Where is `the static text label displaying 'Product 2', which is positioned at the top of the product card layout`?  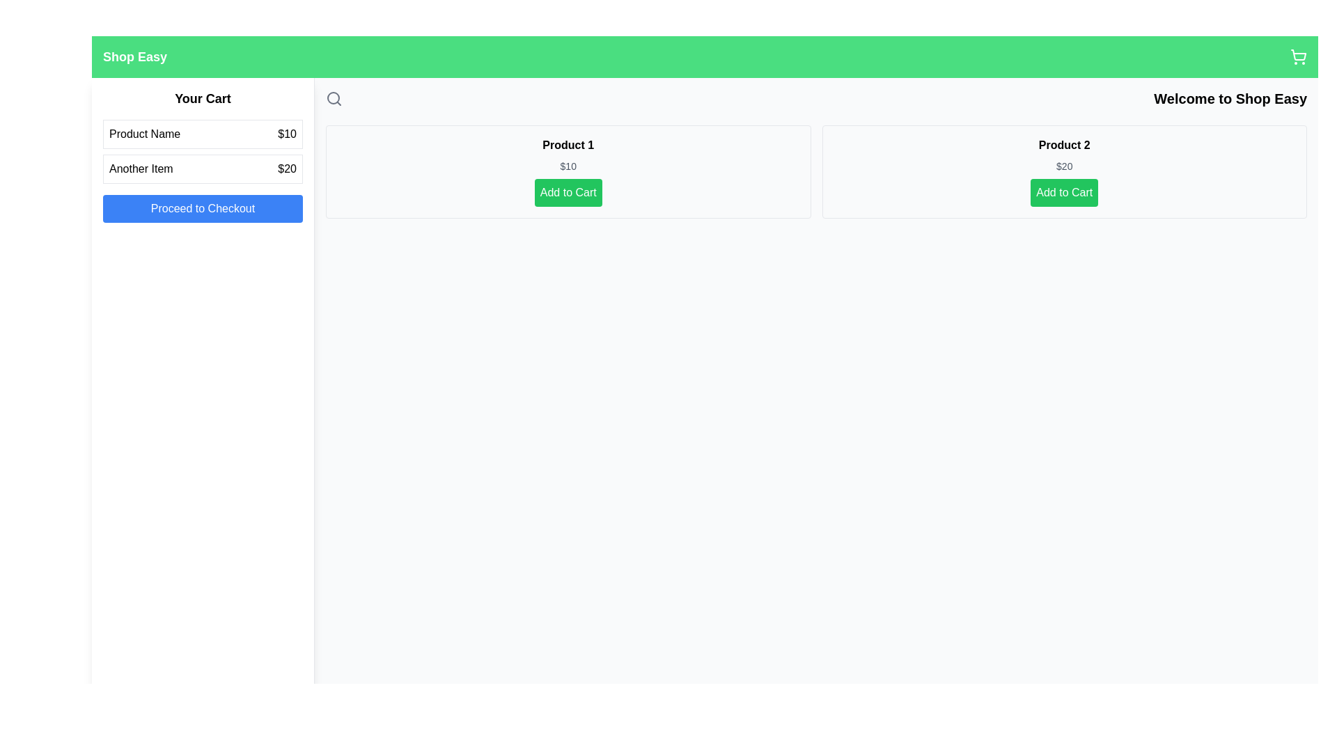
the static text label displaying 'Product 2', which is positioned at the top of the product card layout is located at coordinates (1063, 145).